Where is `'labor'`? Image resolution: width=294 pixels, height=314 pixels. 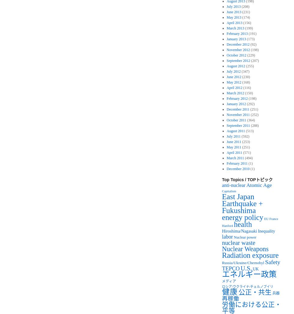
'labor' is located at coordinates (227, 237).